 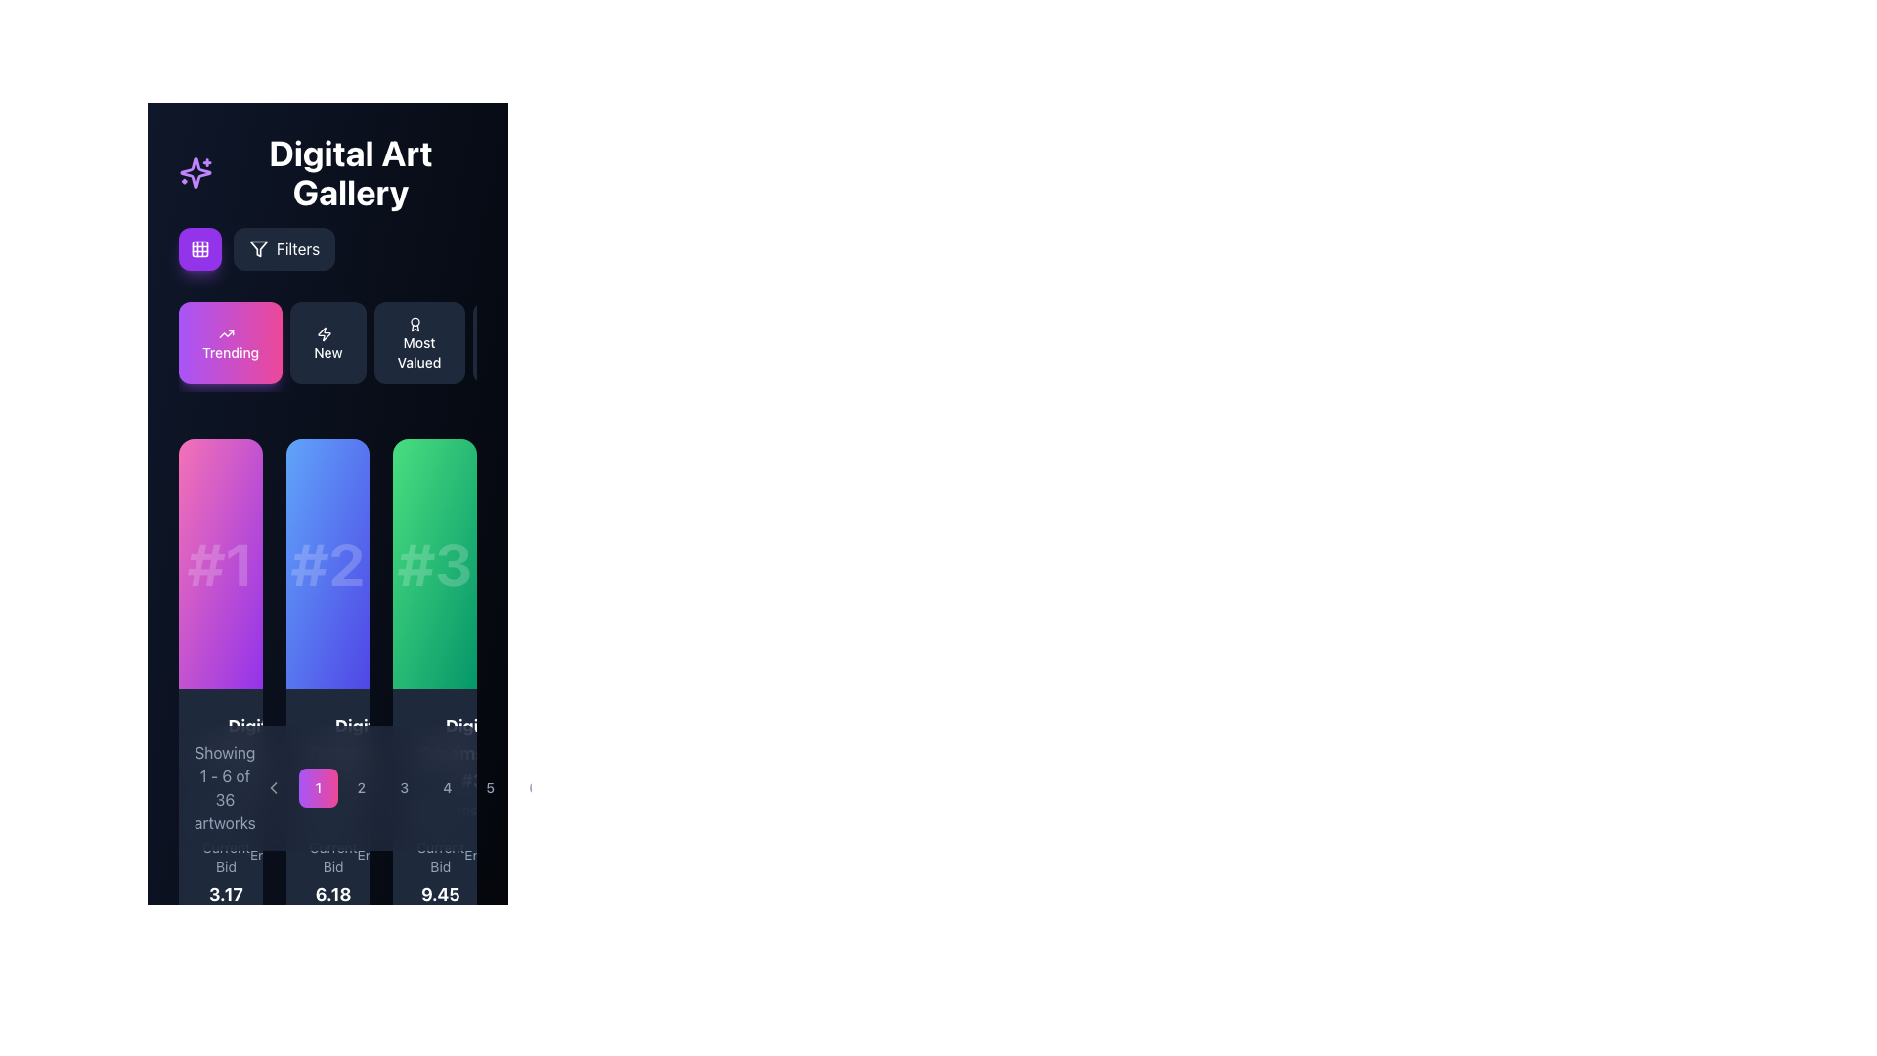 I want to click on the vibrant purple rounded square button with a grid icon in the center, styled with a white outline, so click(x=200, y=247).